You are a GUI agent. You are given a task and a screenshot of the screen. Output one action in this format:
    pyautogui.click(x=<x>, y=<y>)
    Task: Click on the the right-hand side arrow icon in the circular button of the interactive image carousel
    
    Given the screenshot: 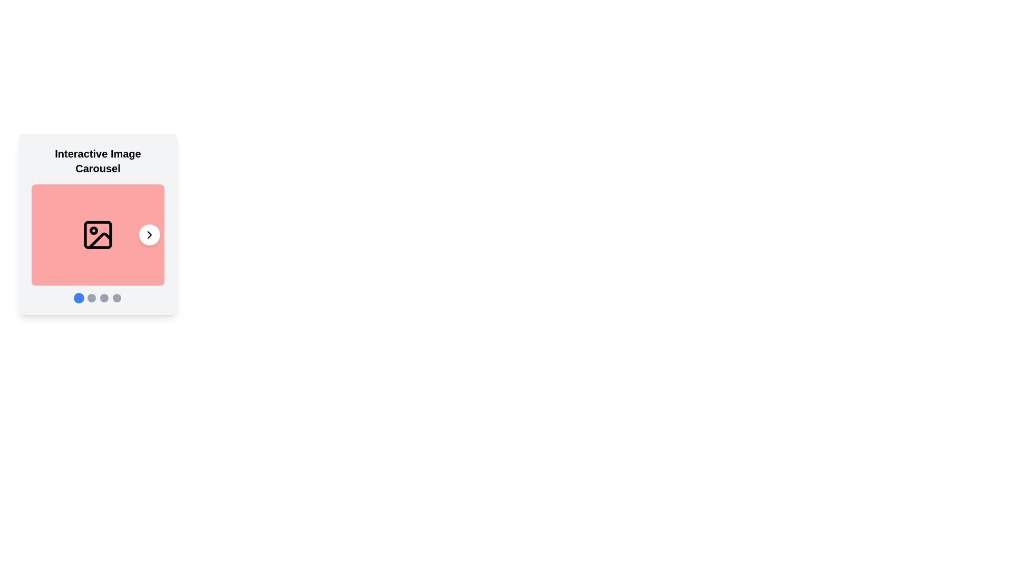 What is the action you would take?
    pyautogui.click(x=149, y=234)
    